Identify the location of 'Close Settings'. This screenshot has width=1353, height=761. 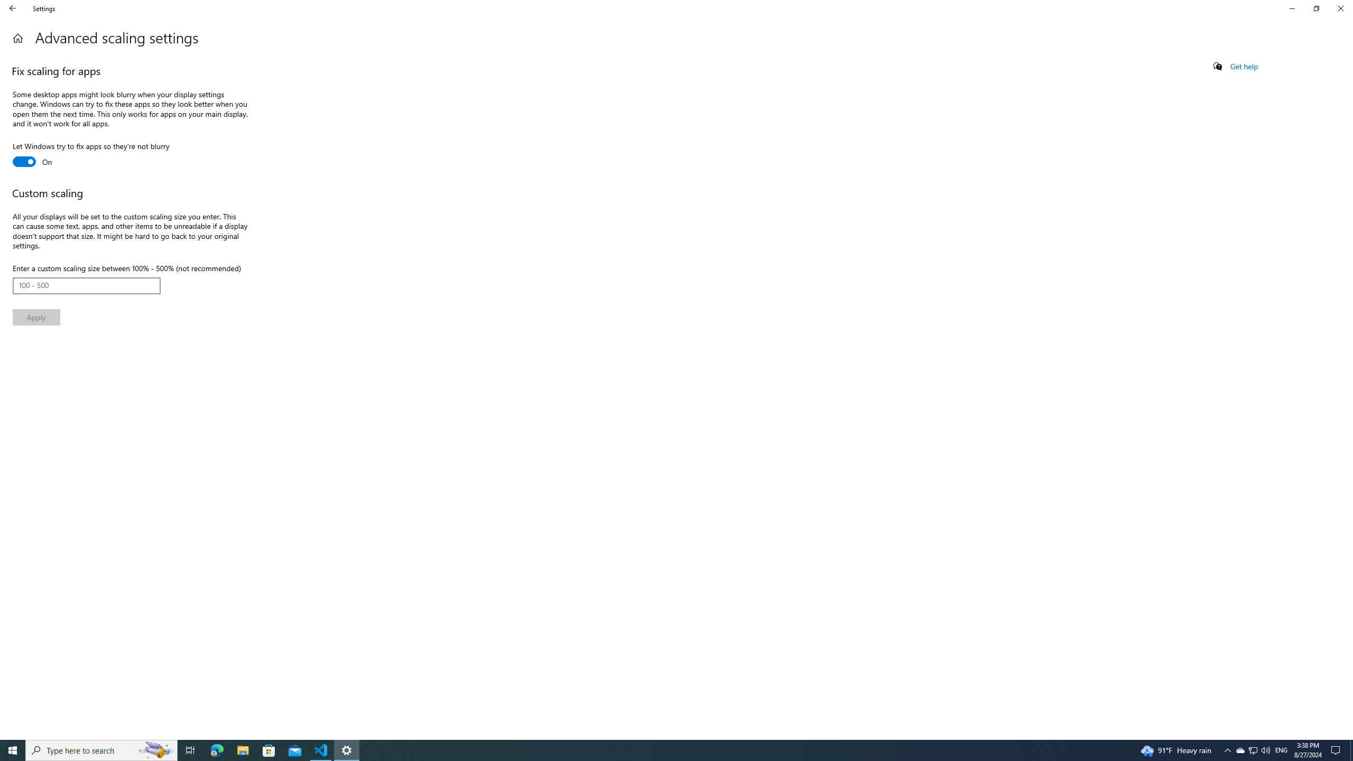
(1340, 8).